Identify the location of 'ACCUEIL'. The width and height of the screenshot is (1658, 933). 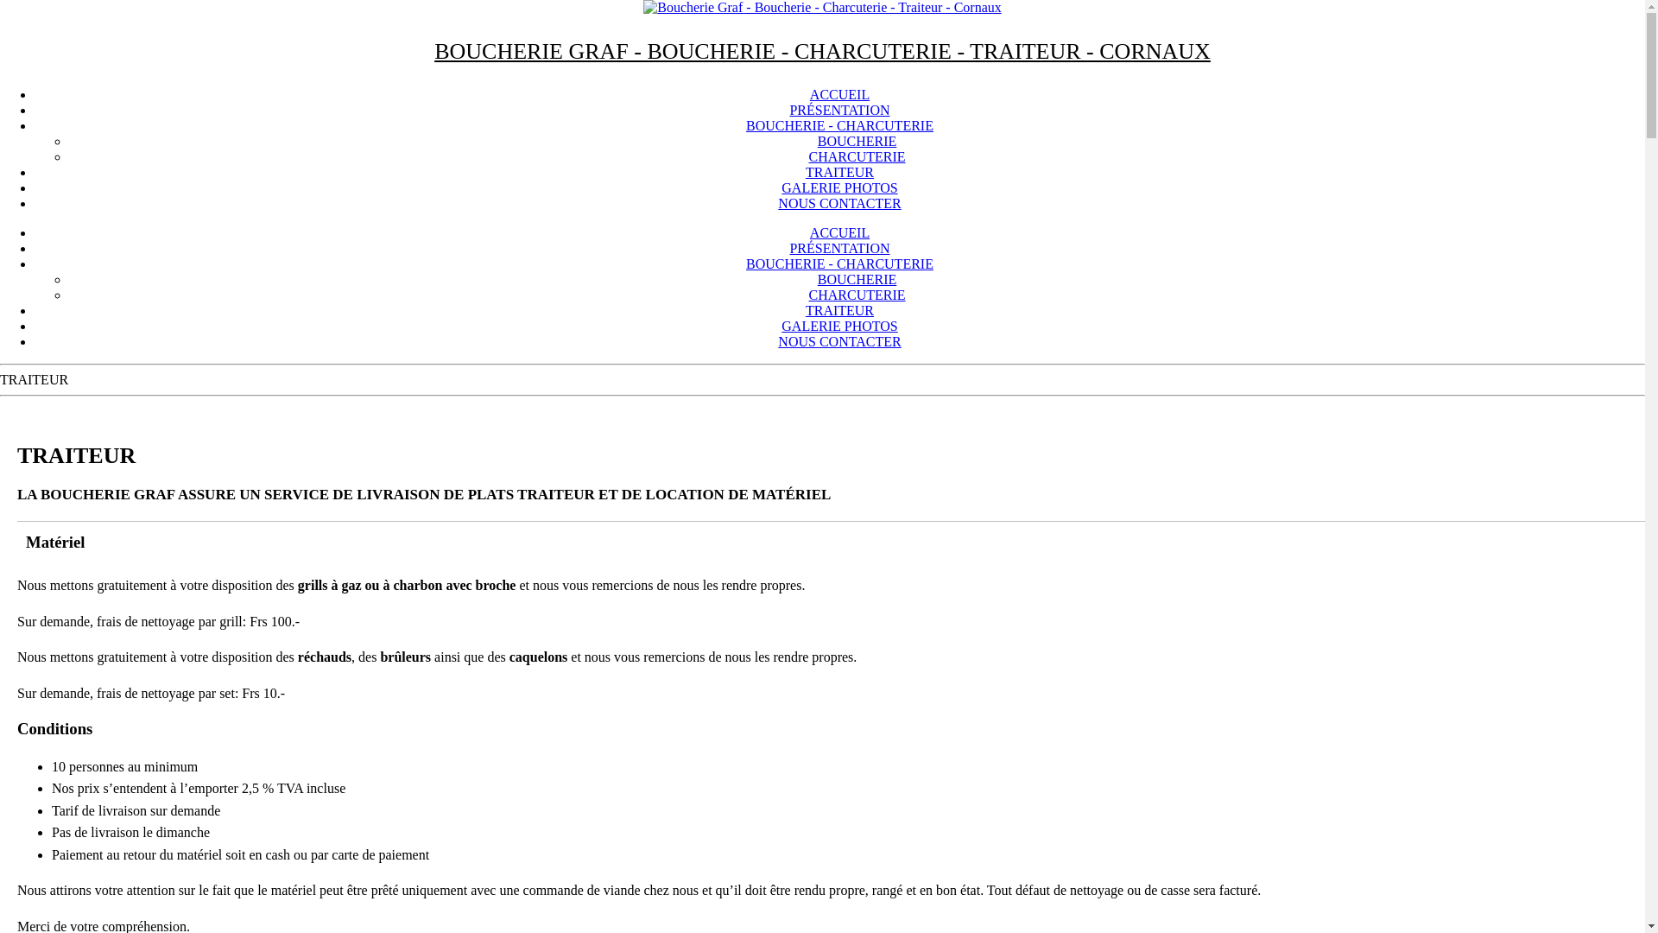
(839, 94).